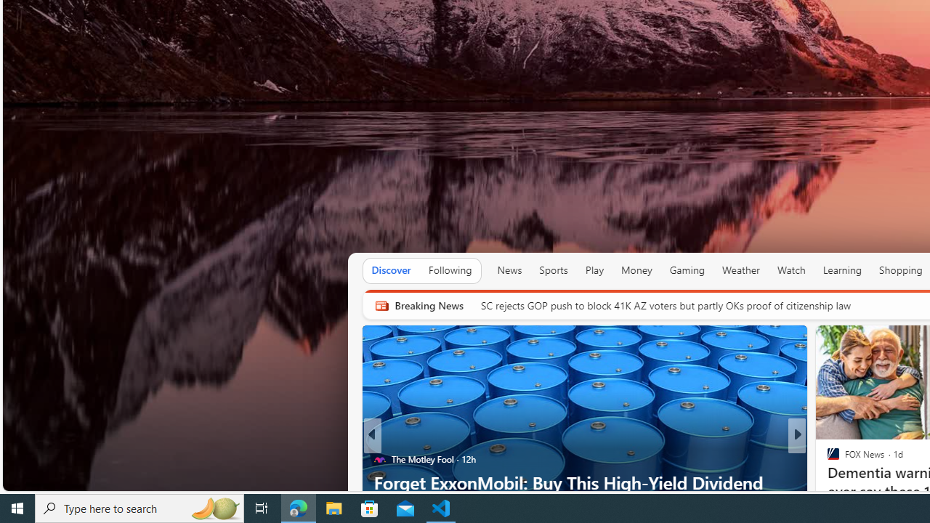  Describe the element at coordinates (827, 459) in the screenshot. I see `'CNBC'` at that location.